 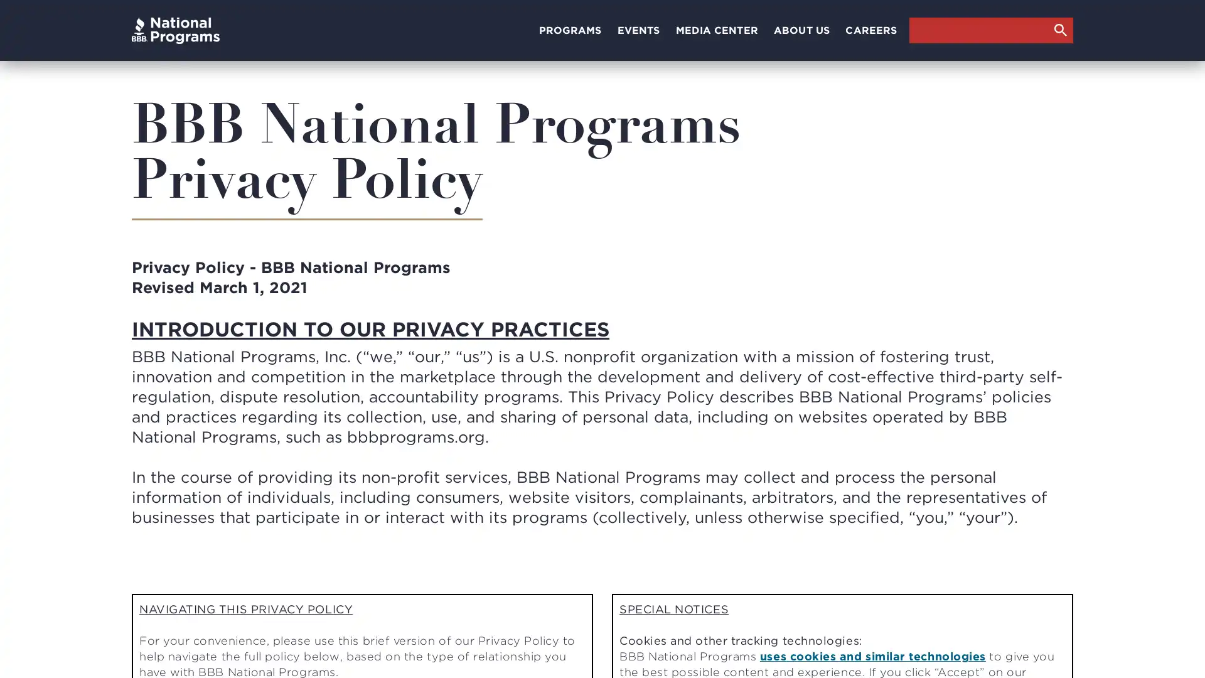 I want to click on Search, so click(x=1059, y=29).